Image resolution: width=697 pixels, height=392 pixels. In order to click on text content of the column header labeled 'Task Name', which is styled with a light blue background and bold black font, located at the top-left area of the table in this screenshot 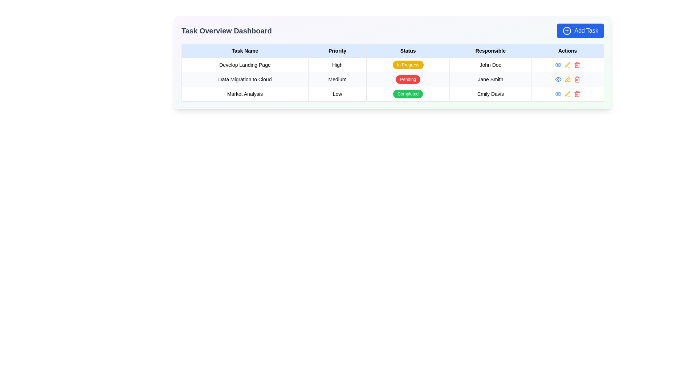, I will do `click(245, 50)`.